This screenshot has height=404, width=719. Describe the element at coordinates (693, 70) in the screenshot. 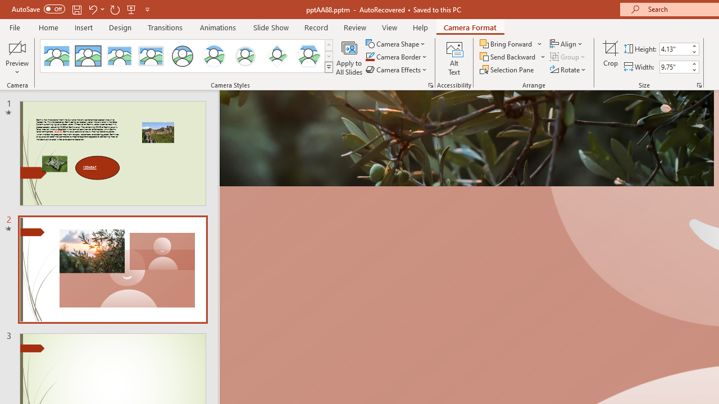

I see `'Less'` at that location.